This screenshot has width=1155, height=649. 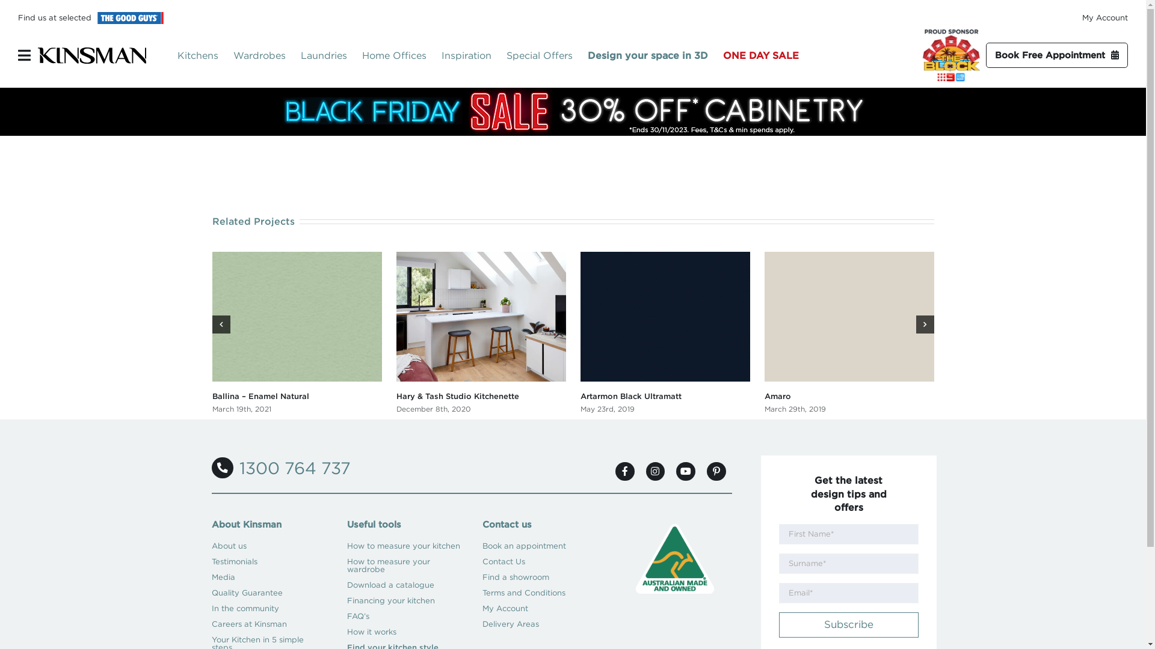 What do you see at coordinates (768, 55) in the screenshot?
I see `'ONE DAY SALE'` at bounding box center [768, 55].